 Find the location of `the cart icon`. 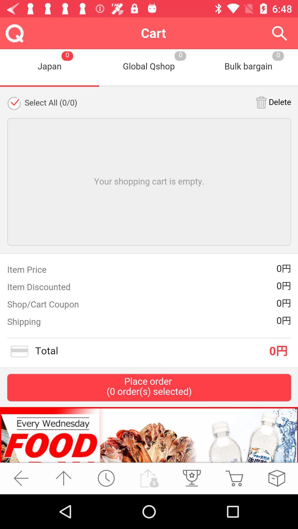

the cart icon is located at coordinates (234, 478).